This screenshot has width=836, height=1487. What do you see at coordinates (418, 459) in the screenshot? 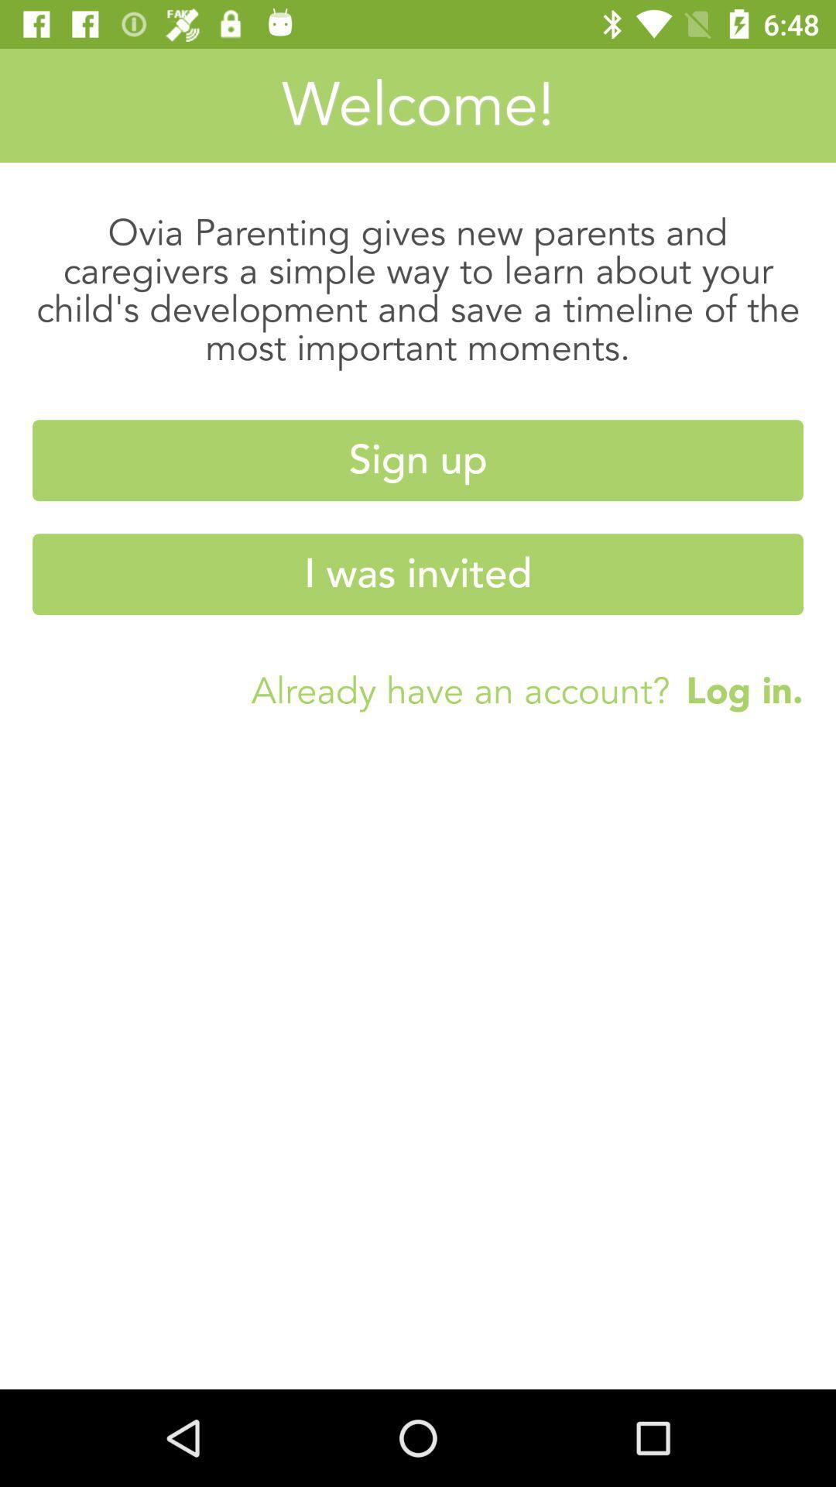
I see `the icon below the ovia parenting gives icon` at bounding box center [418, 459].